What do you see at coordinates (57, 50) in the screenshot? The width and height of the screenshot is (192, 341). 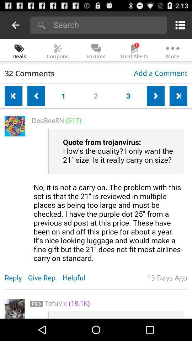 I see `the option coupons which is beside the deals` at bounding box center [57, 50].